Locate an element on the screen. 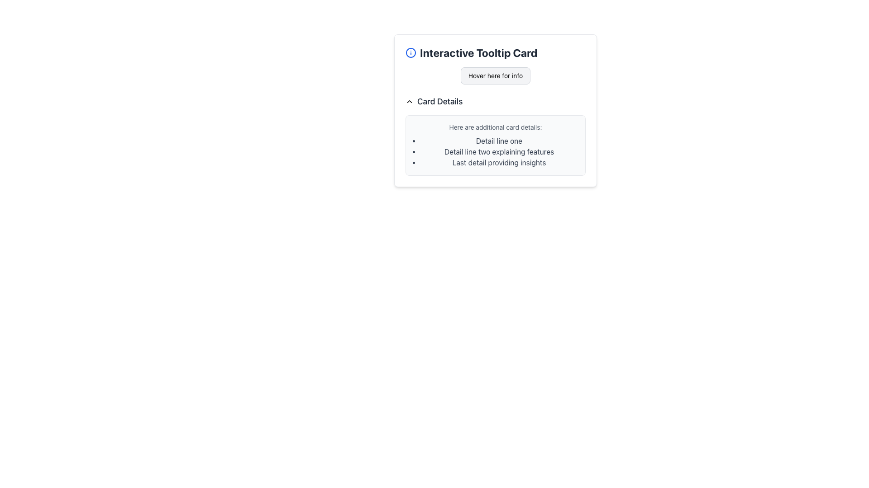 This screenshot has height=488, width=869. text contained within the rectangular card element located under the 'Card Details' heading, which has a light gray background and rounded corners is located at coordinates (495, 145).